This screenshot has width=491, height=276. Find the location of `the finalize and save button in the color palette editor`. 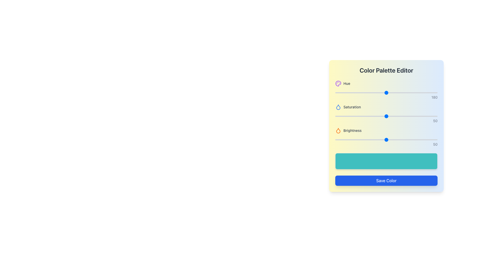

the finalize and save button in the color palette editor is located at coordinates (386, 180).